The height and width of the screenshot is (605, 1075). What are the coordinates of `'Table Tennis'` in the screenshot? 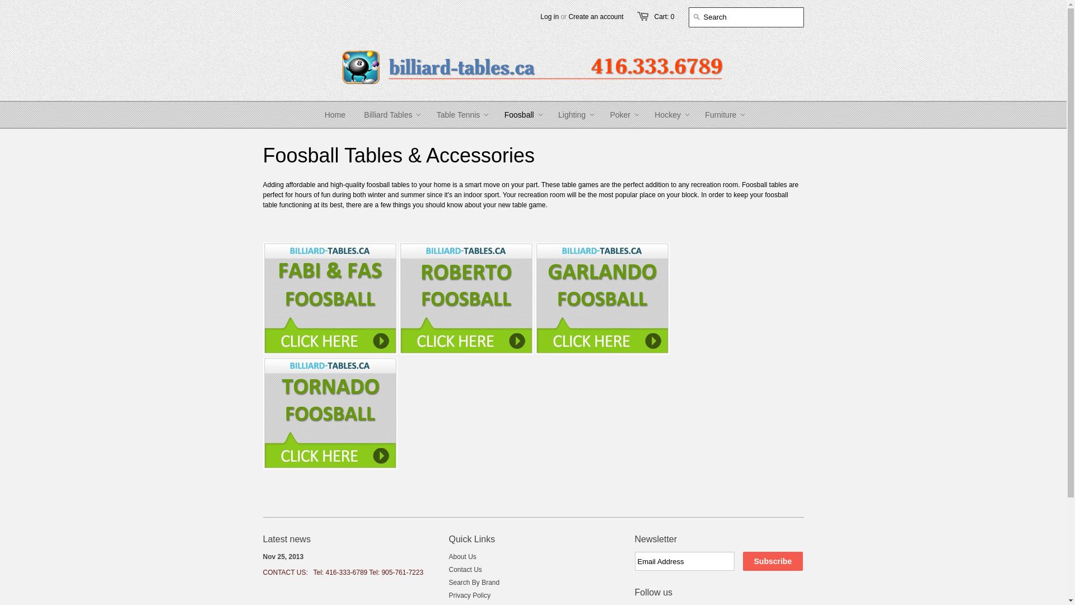 It's located at (427, 114).